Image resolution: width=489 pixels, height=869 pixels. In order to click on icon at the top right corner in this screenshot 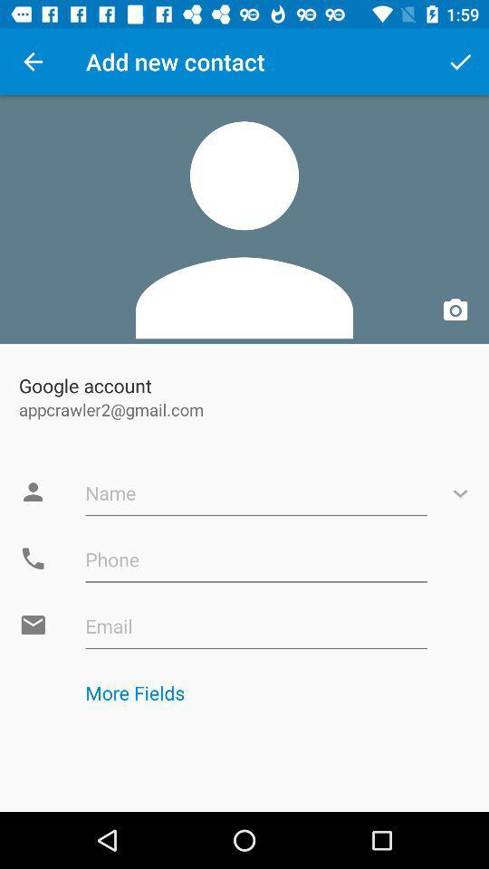, I will do `click(460, 62)`.